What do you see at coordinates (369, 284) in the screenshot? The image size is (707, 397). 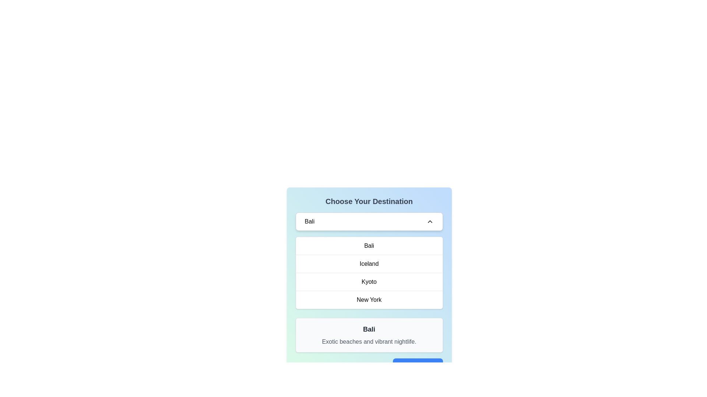 I see `the third option in the dropdown list labeled 'Choose Your Destination'` at bounding box center [369, 284].